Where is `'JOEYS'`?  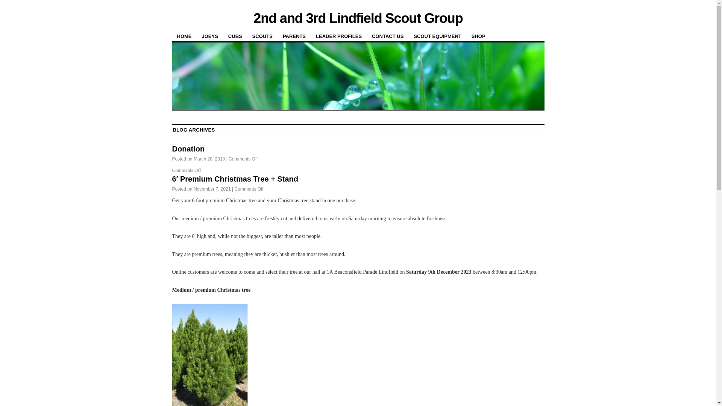 'JOEYS' is located at coordinates (210, 36).